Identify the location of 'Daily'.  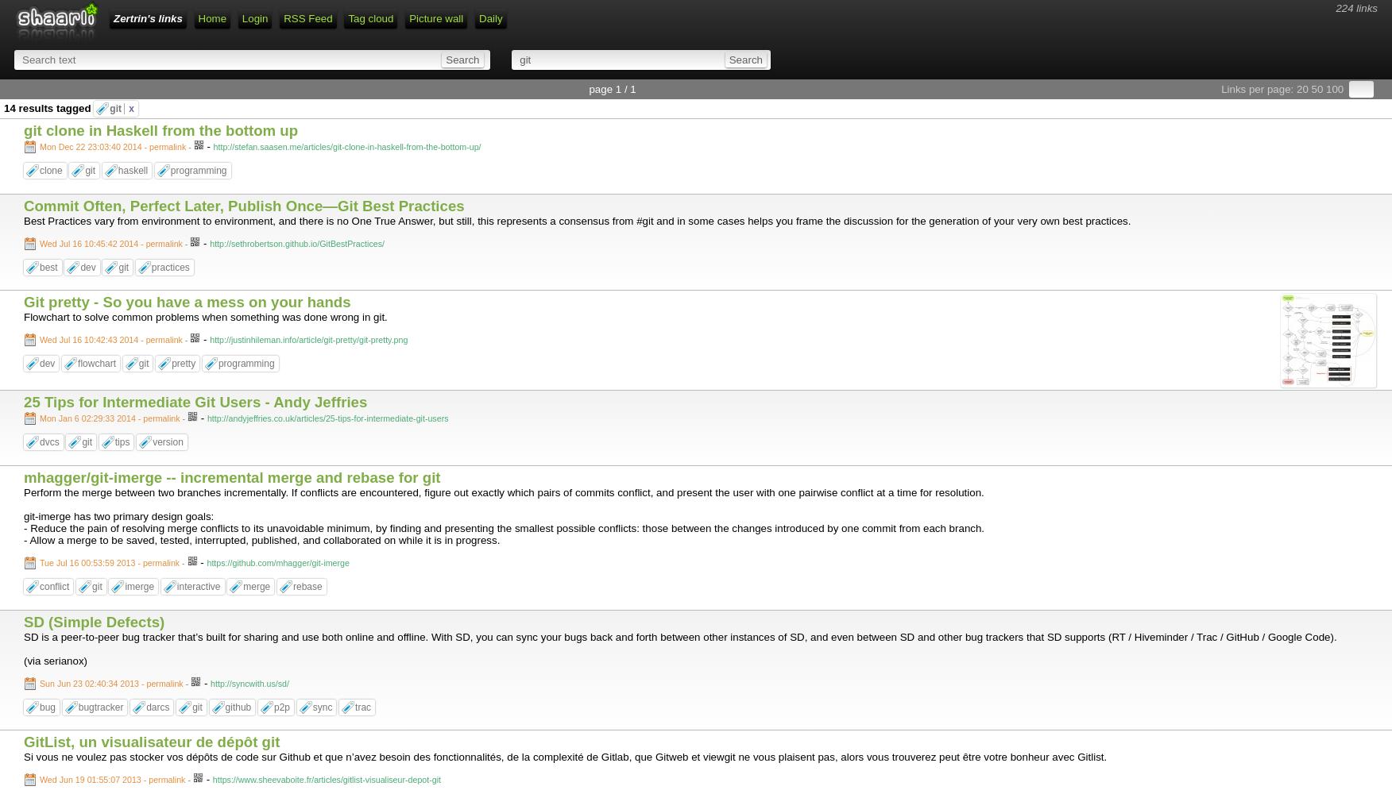
(479, 18).